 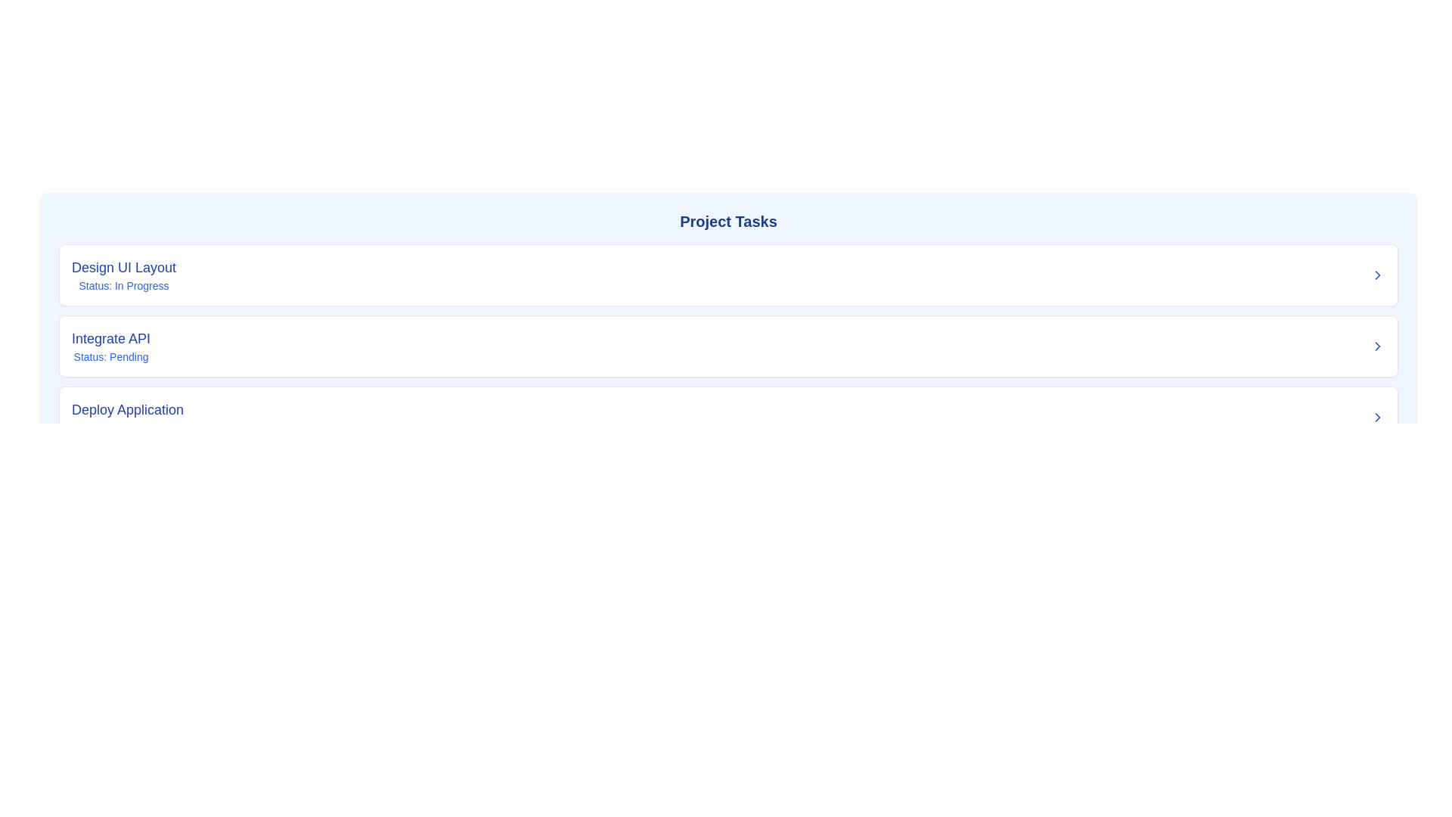 I want to click on the header text component displaying the title and status of the task labeled 'Integrate API', which is positioned between the 'Design UI Layout' card and the 'Deploy Application' card in the center of the webpage, so click(x=110, y=346).